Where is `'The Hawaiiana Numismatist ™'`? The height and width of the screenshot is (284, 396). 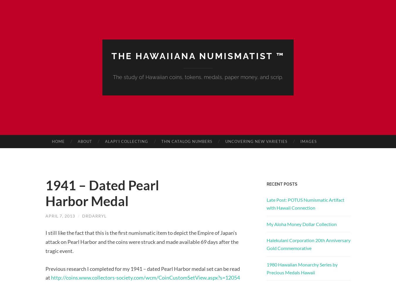 'The Hawaiiana Numismatist ™' is located at coordinates (198, 55).